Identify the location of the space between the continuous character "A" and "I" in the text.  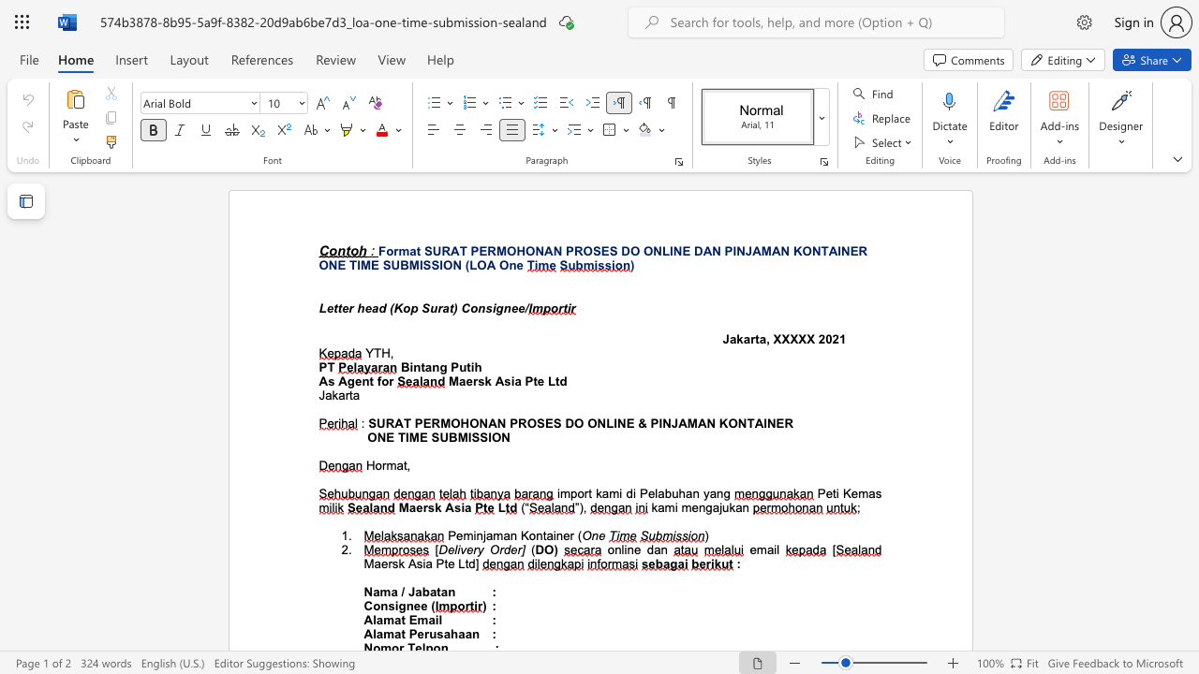
(762, 423).